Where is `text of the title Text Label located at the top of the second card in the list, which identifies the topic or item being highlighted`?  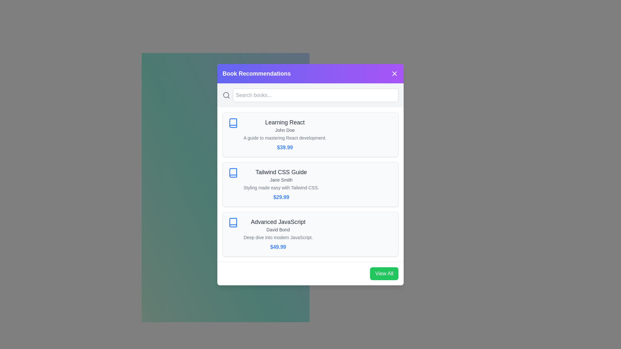 text of the title Text Label located at the top of the second card in the list, which identifies the topic or item being highlighted is located at coordinates (281, 172).